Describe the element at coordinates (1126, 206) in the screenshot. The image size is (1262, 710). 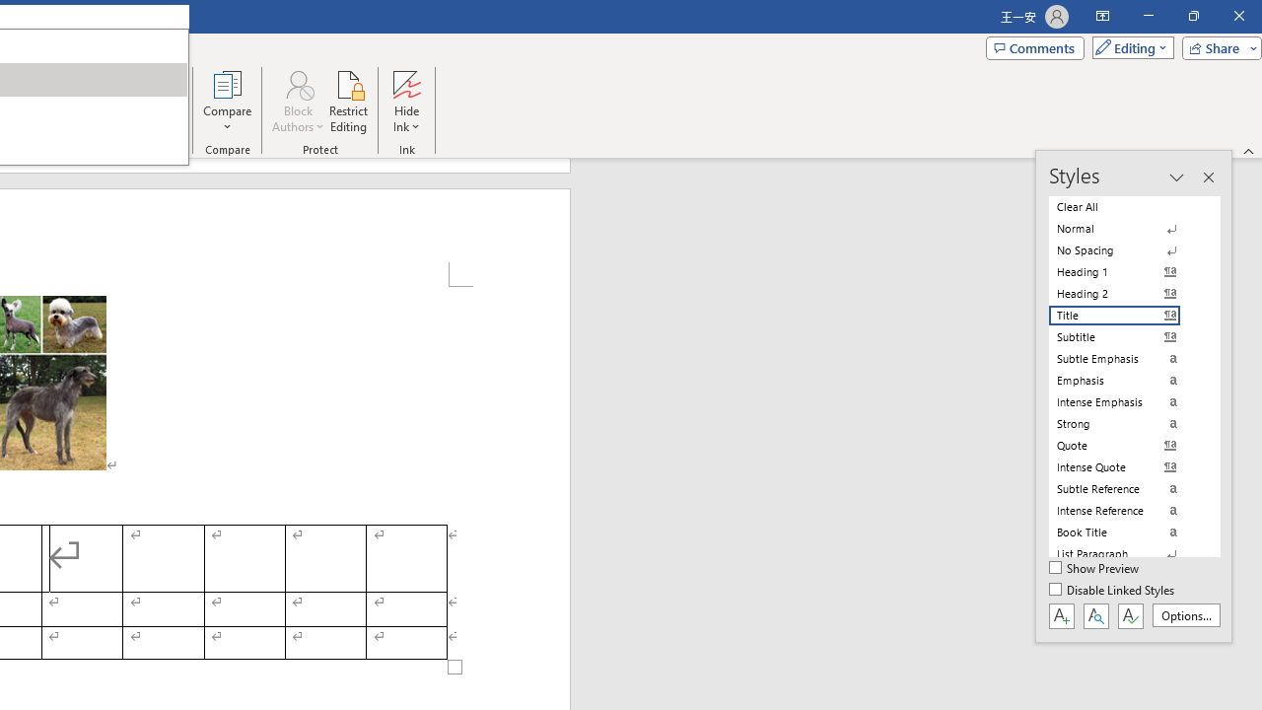
I see `'Clear All'` at that location.